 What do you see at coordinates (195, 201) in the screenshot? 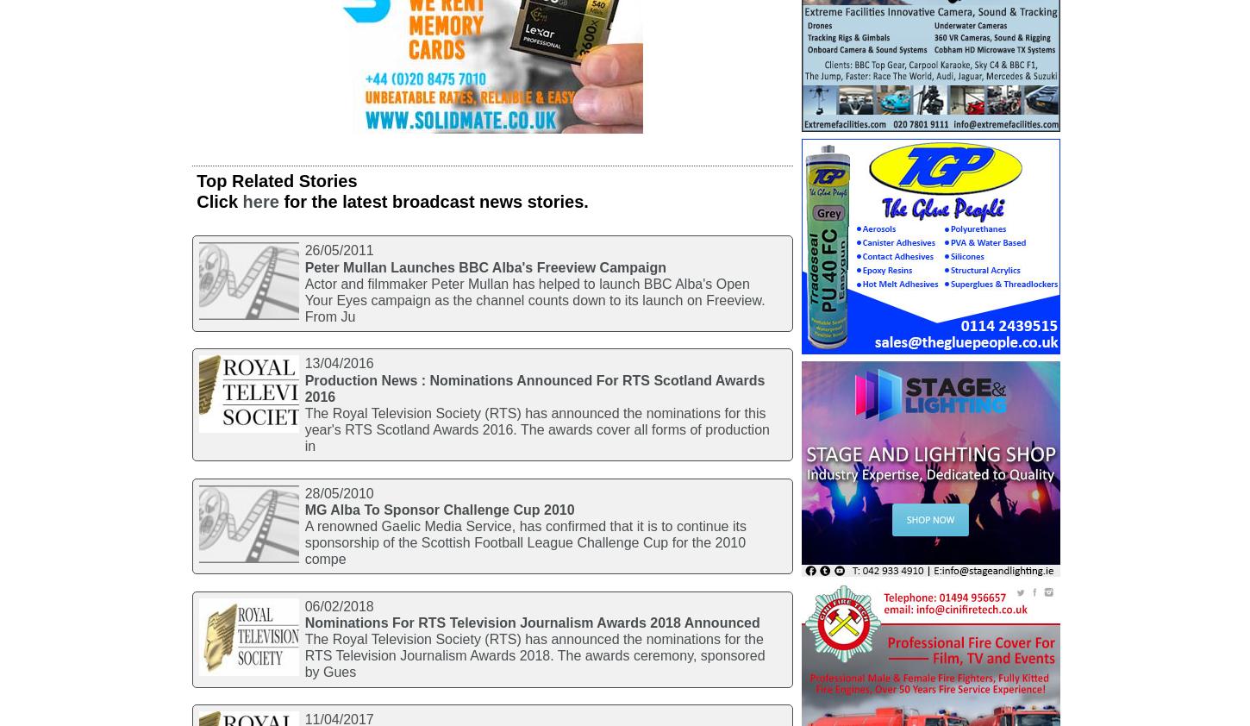
I see `'Click'` at bounding box center [195, 201].